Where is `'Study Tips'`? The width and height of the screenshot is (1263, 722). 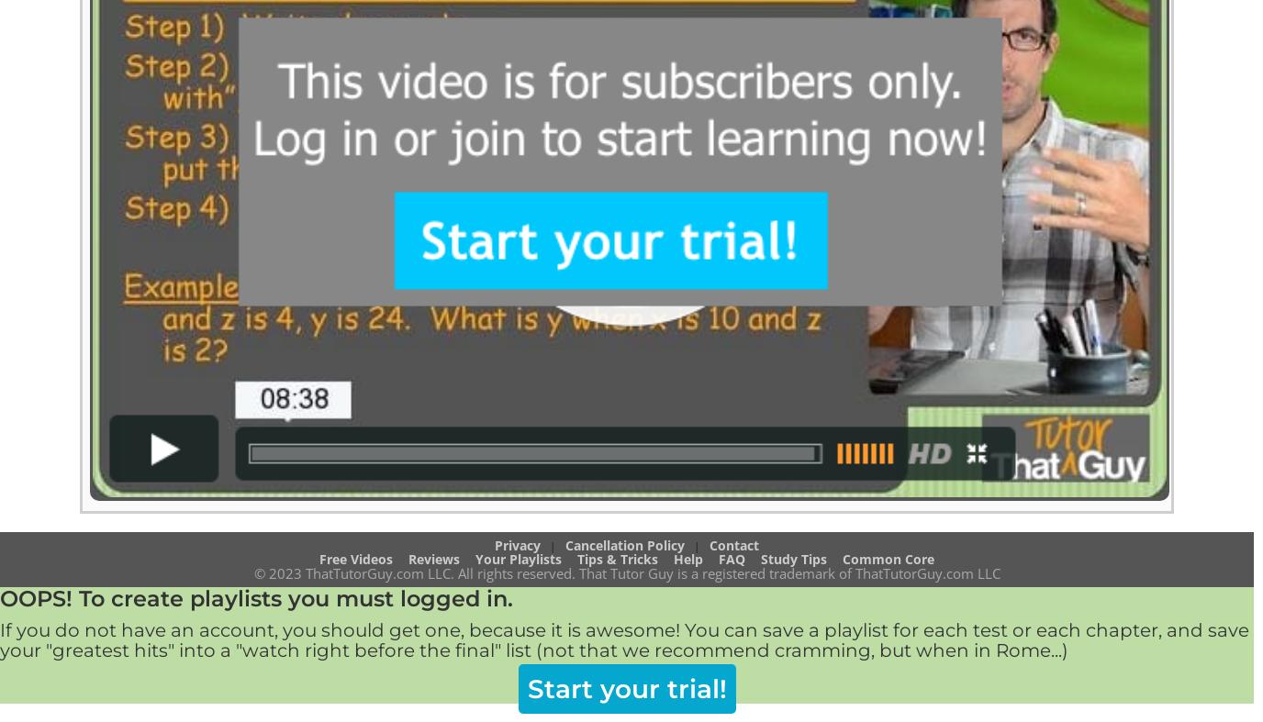 'Study Tips' is located at coordinates (760, 557).